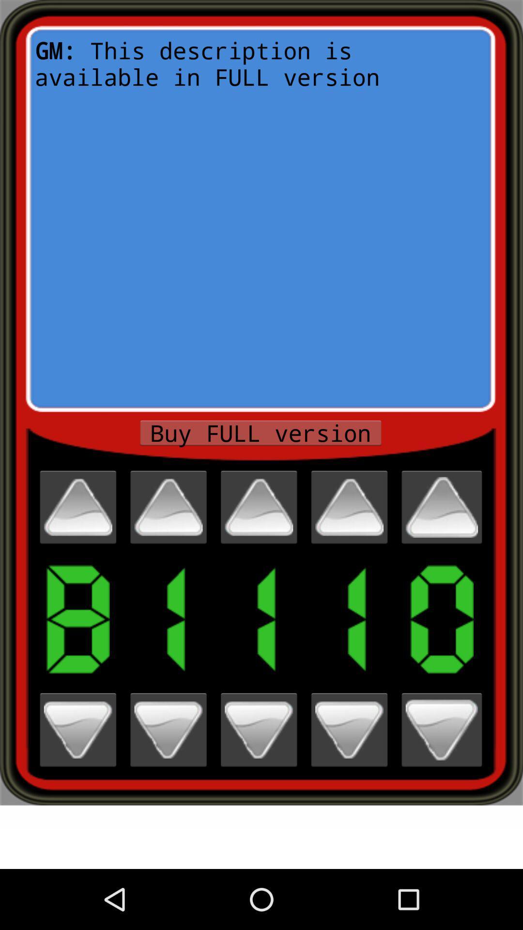  What do you see at coordinates (168, 507) in the screenshot?
I see `number` at bounding box center [168, 507].